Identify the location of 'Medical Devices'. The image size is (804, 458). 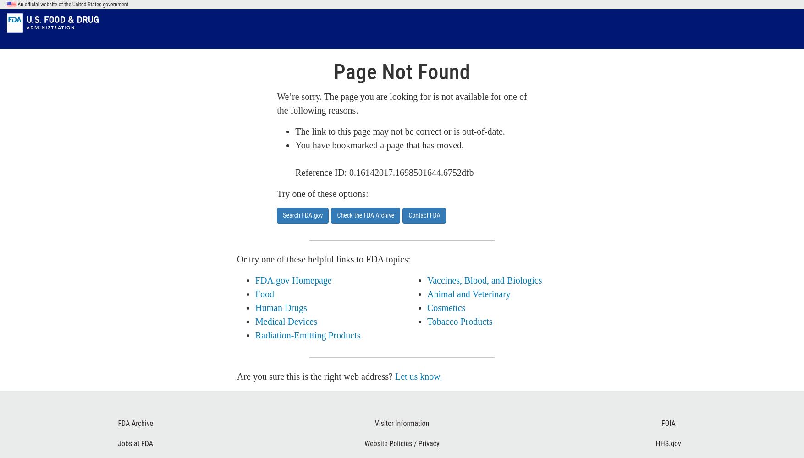
(286, 321).